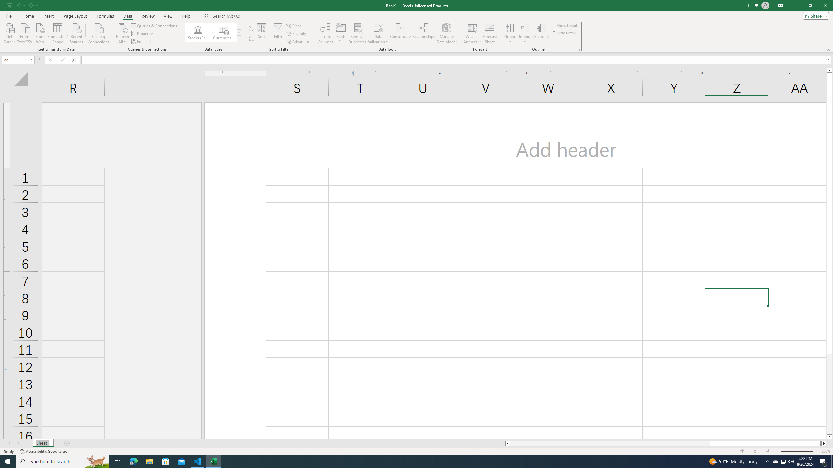  What do you see at coordinates (223, 32) in the screenshot?
I see `'Currencies (English)'` at bounding box center [223, 32].